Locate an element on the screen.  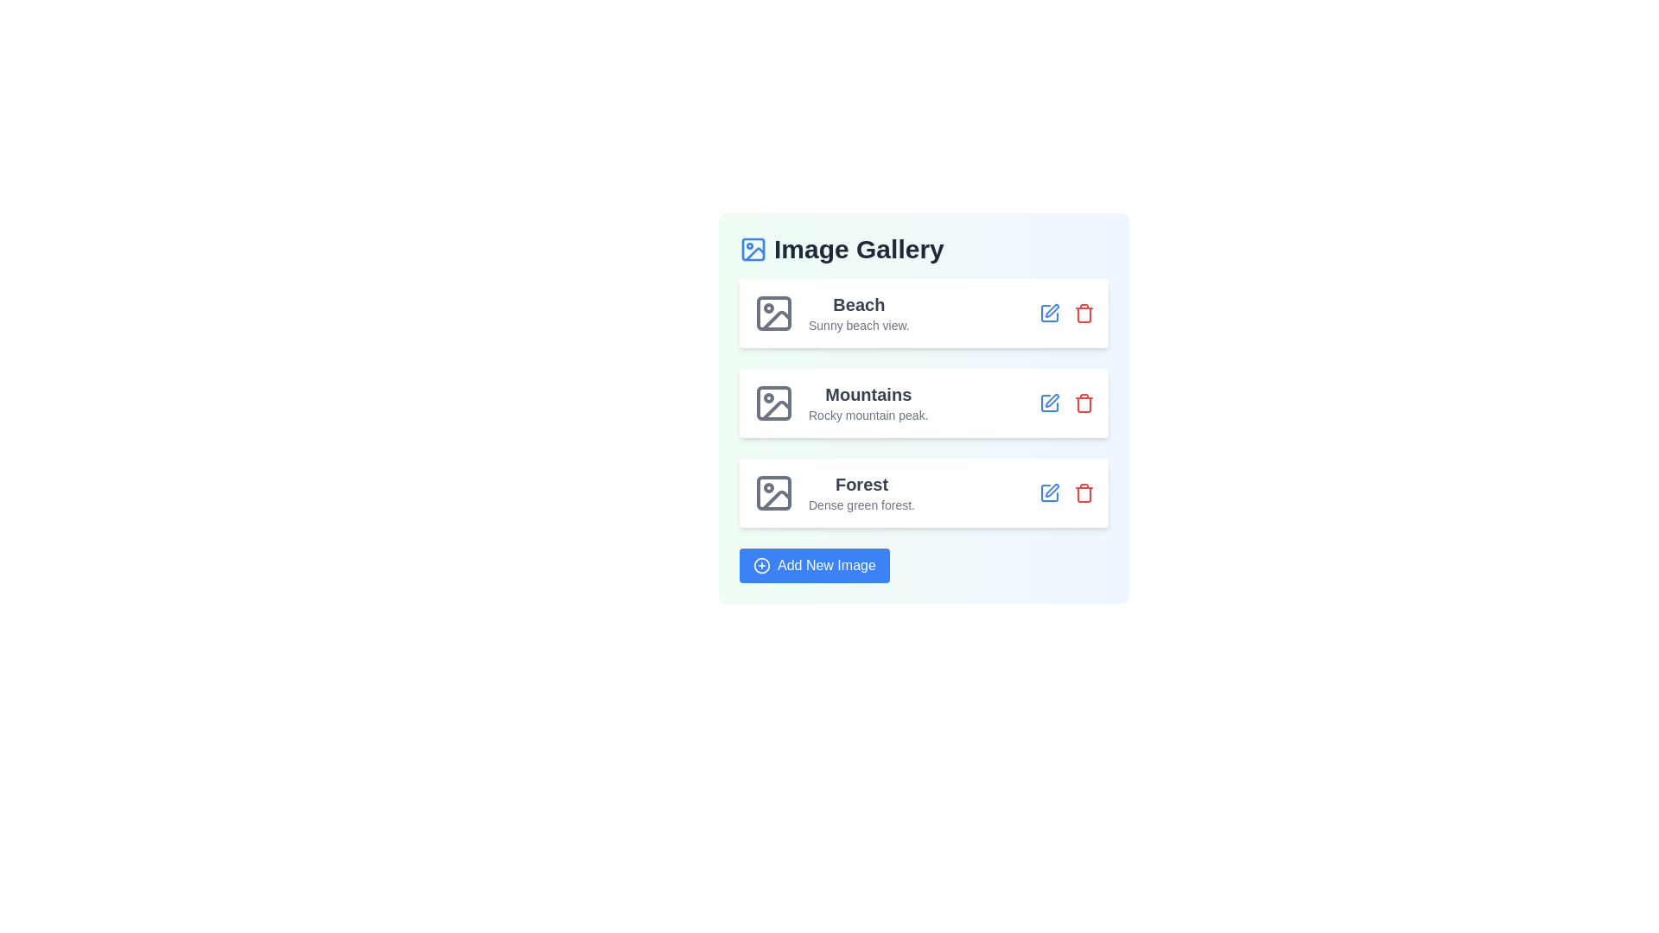
edit button for the image titled 'Forest' is located at coordinates (1048, 492).